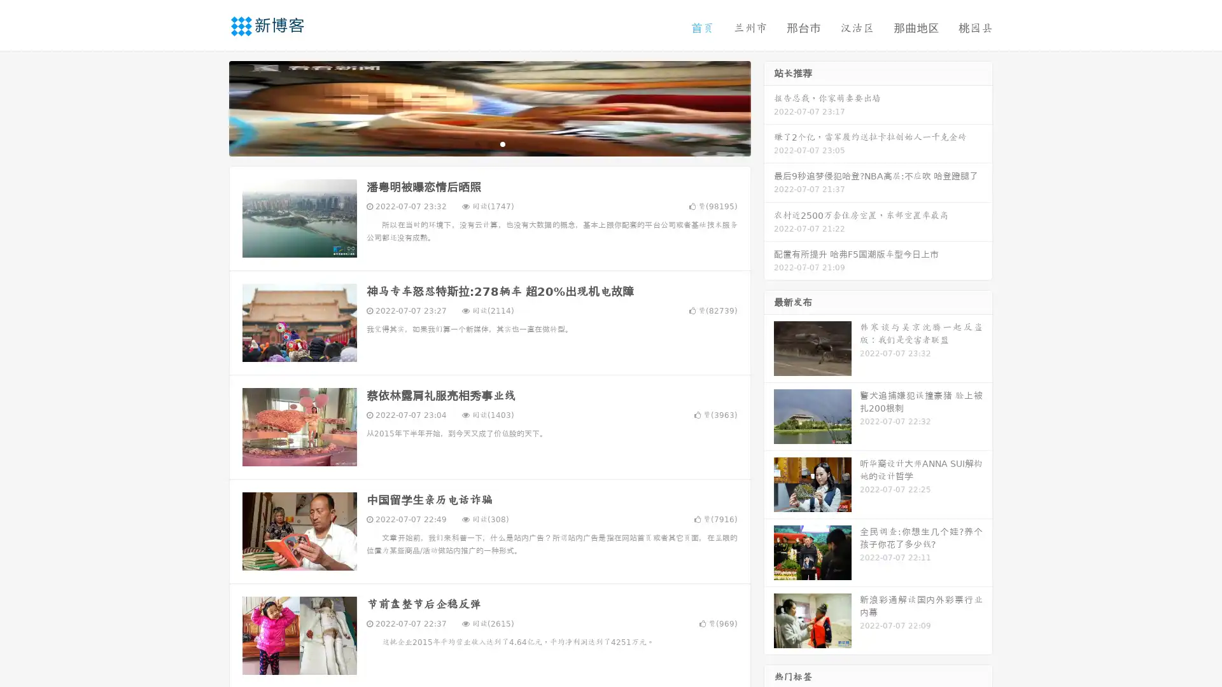  I want to click on Go to slide 3, so click(502, 143).